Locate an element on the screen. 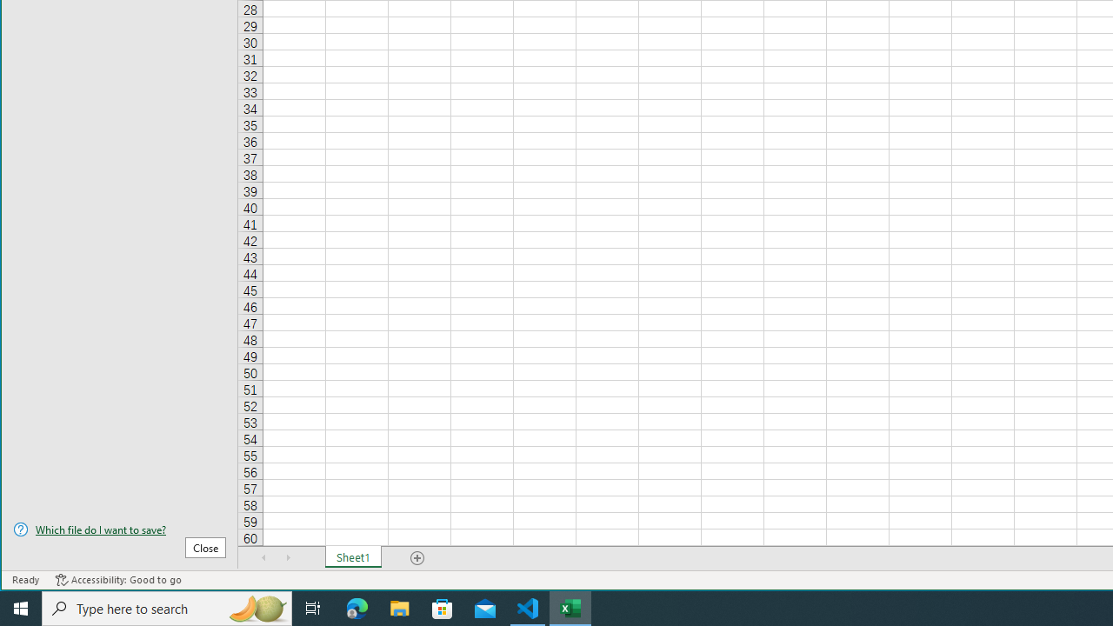 Image resolution: width=1113 pixels, height=626 pixels. 'Type here to search' is located at coordinates (167, 607).